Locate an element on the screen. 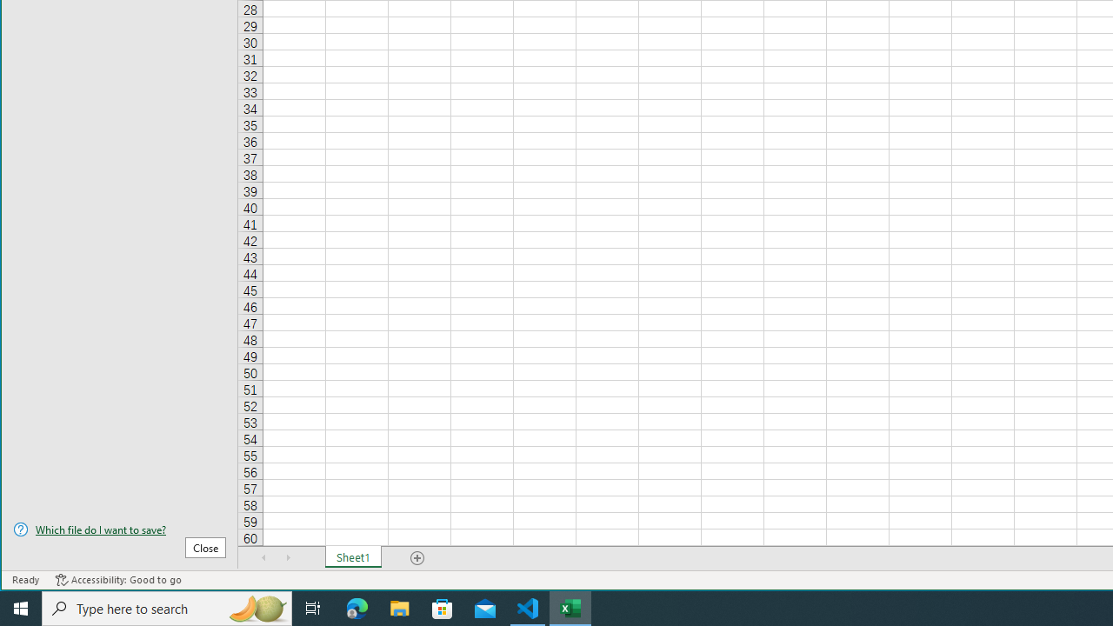 Image resolution: width=1113 pixels, height=626 pixels. 'Type here to search' is located at coordinates (167, 607).